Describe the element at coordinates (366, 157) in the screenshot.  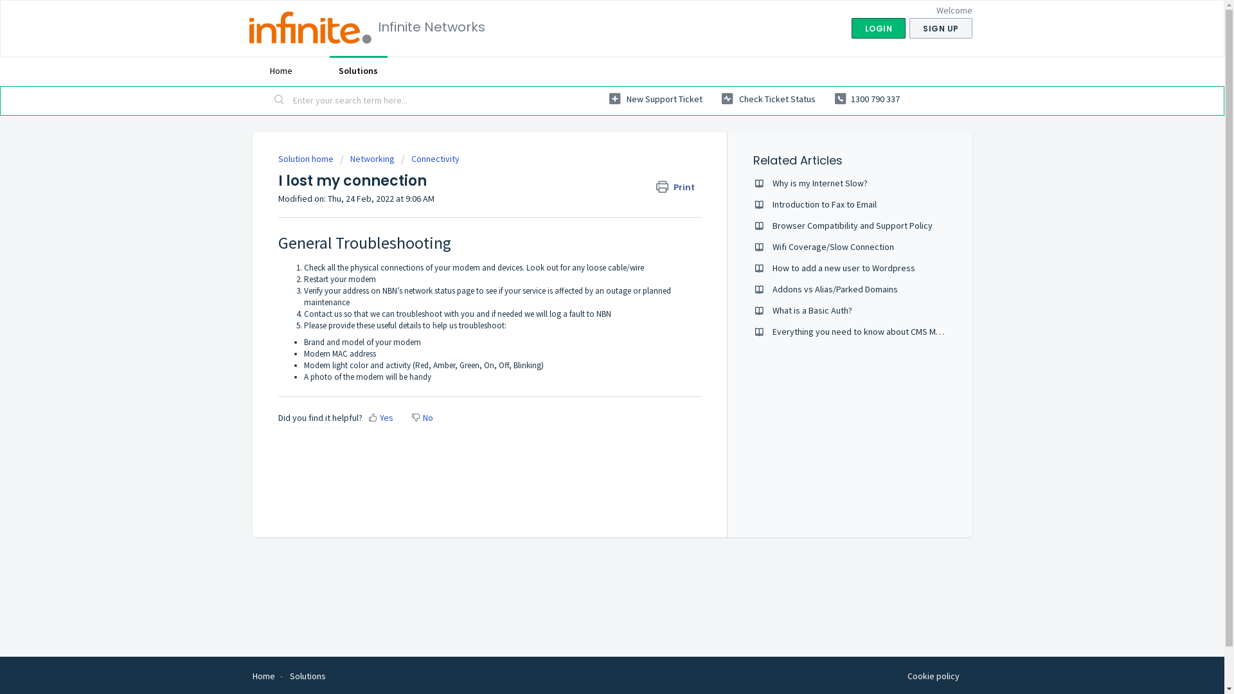
I see `'Networking'` at that location.